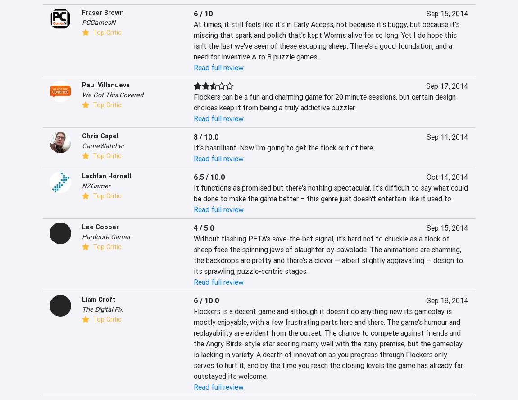 The width and height of the screenshot is (518, 400). Describe the element at coordinates (203, 227) in the screenshot. I see `'4 / 5.0'` at that location.